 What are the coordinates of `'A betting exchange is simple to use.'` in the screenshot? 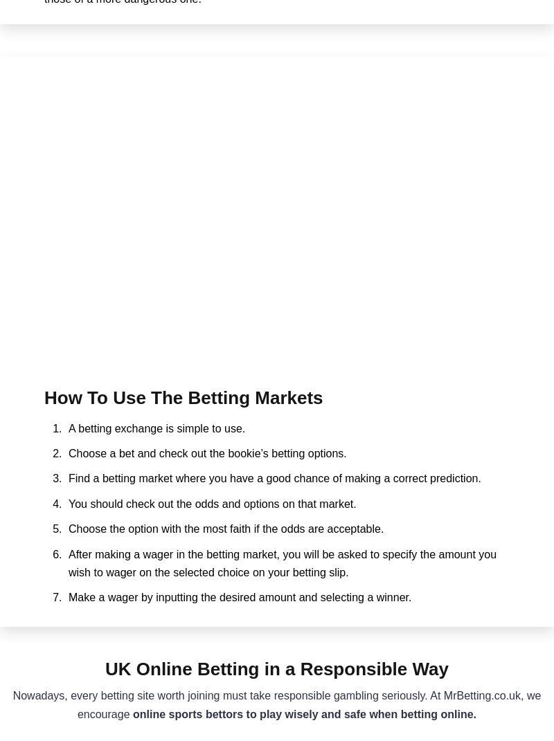 It's located at (157, 427).